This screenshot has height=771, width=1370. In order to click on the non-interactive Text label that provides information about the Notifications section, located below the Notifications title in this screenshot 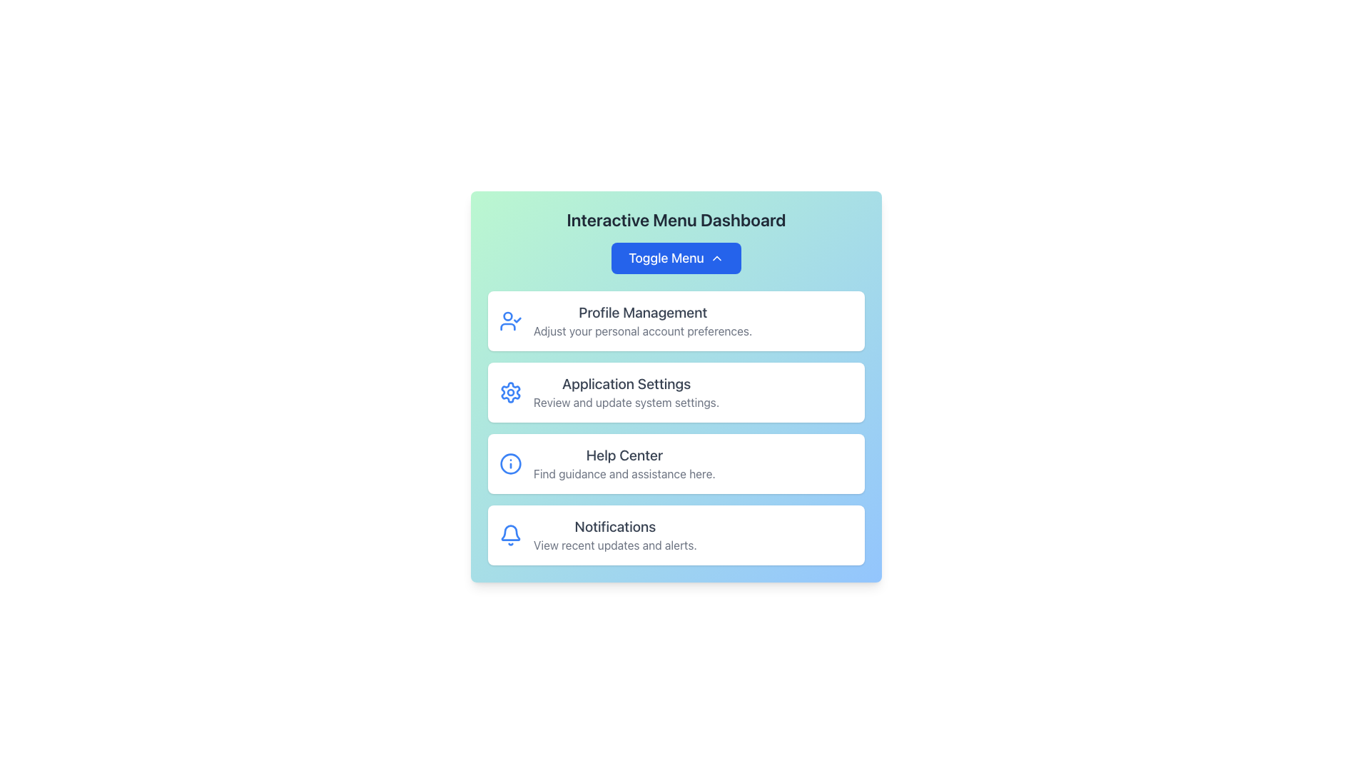, I will do `click(615, 545)`.